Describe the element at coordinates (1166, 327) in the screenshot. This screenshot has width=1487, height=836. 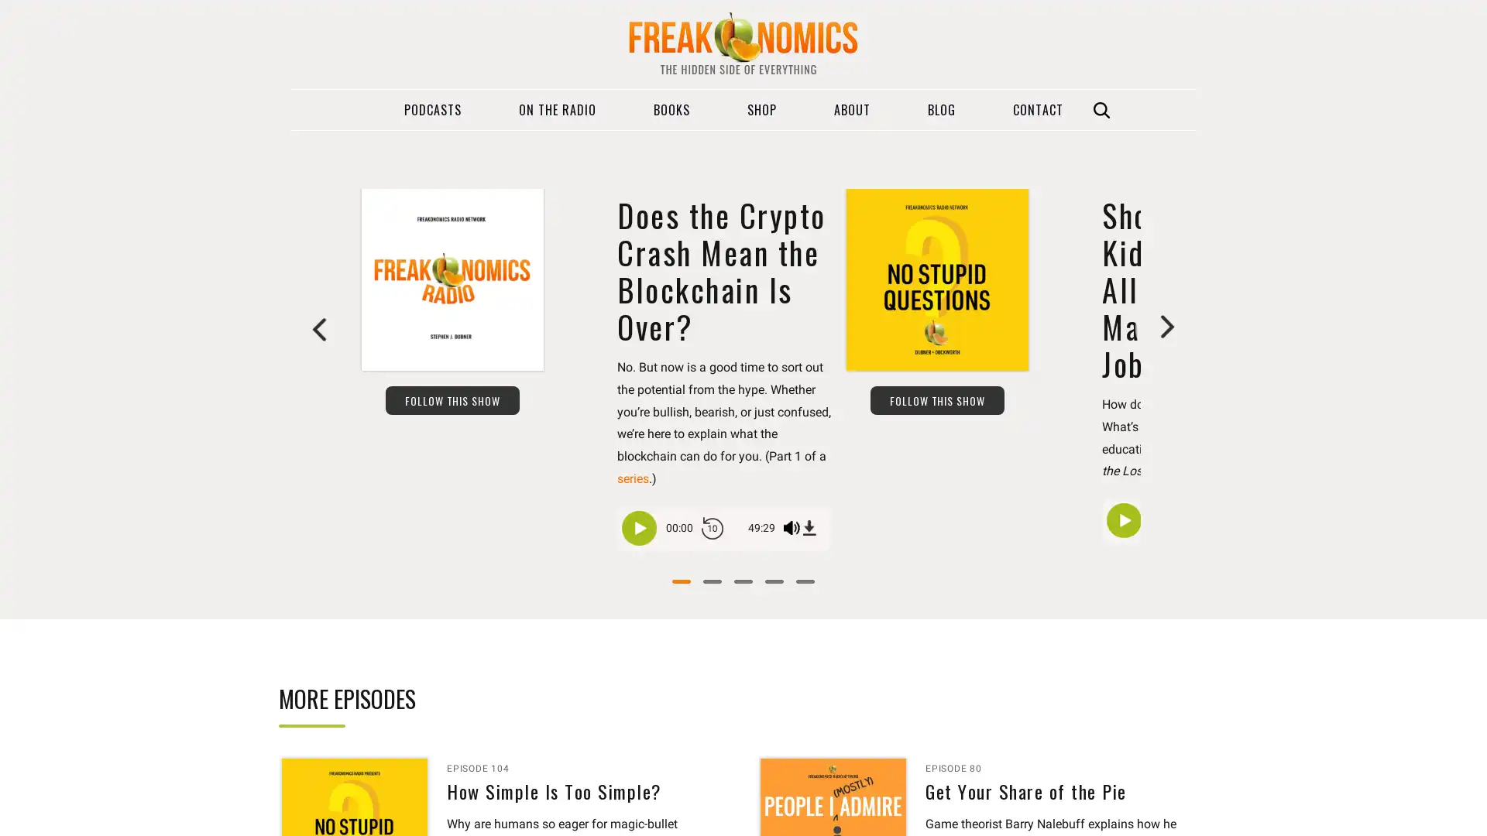
I see `Next` at that location.